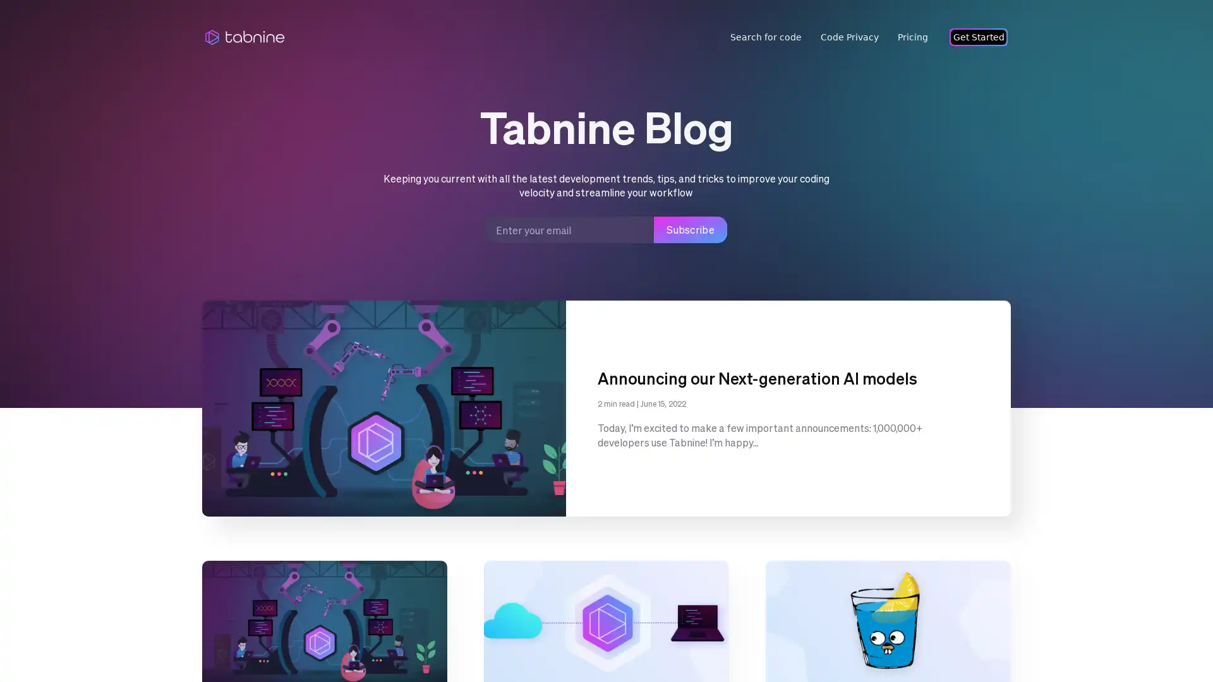 The height and width of the screenshot is (682, 1213). I want to click on Open, so click(1175, 648).